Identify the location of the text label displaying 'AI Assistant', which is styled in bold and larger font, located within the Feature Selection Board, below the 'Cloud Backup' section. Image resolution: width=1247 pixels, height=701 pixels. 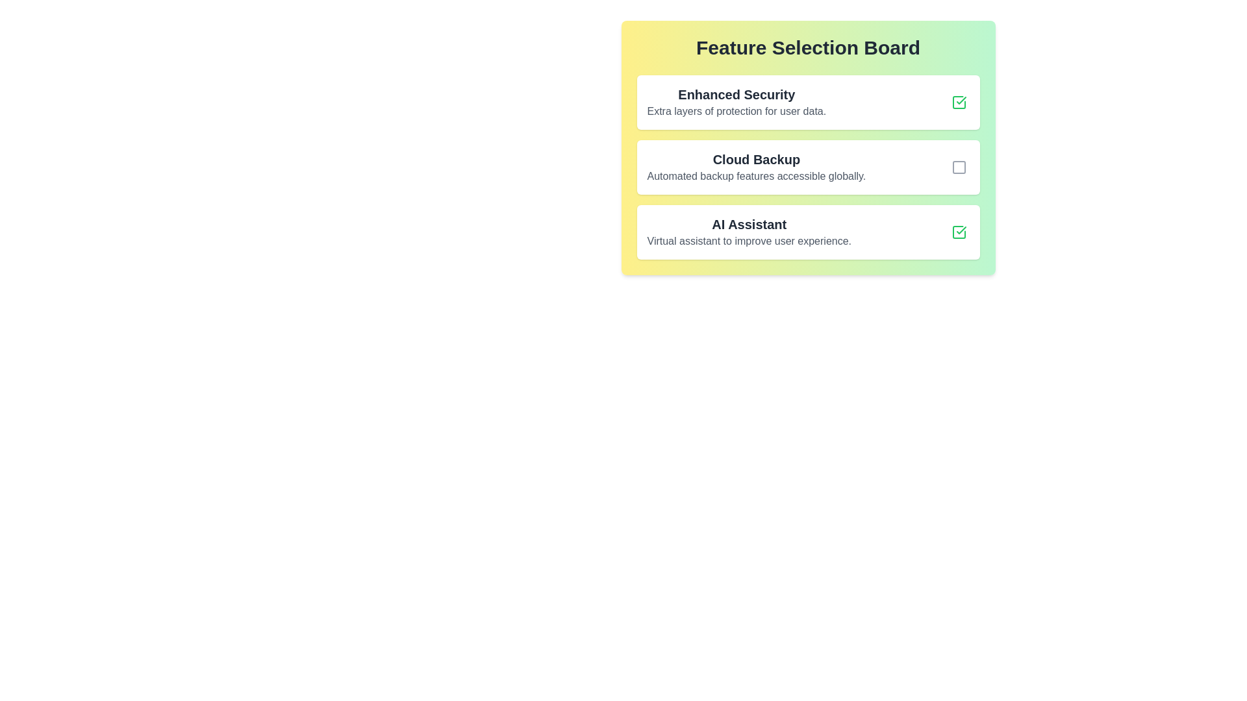
(749, 224).